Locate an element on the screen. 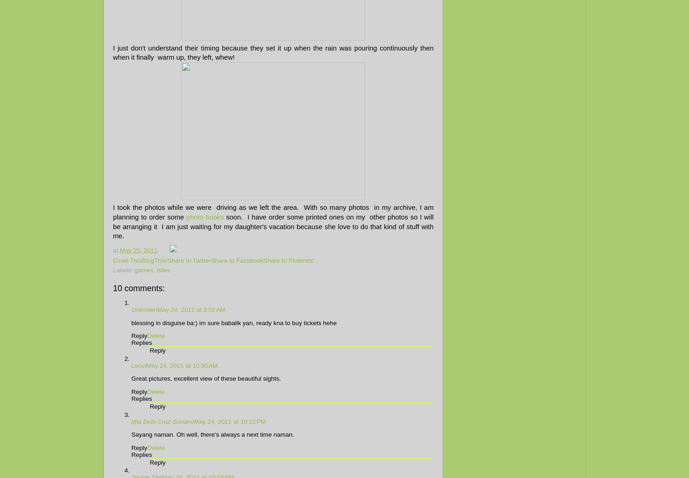 The height and width of the screenshot is (478, 689). 'at' is located at coordinates (116, 250).